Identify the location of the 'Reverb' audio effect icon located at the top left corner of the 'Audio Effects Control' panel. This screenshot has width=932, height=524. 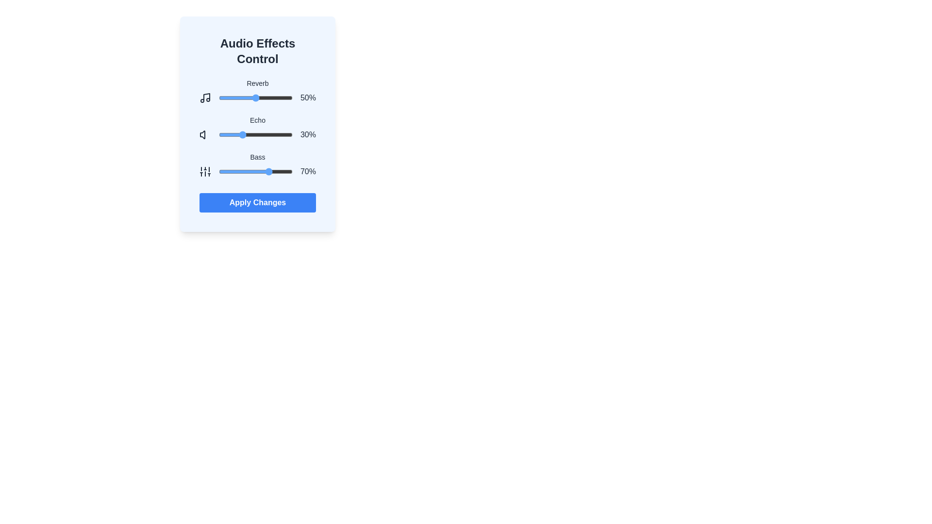
(204, 98).